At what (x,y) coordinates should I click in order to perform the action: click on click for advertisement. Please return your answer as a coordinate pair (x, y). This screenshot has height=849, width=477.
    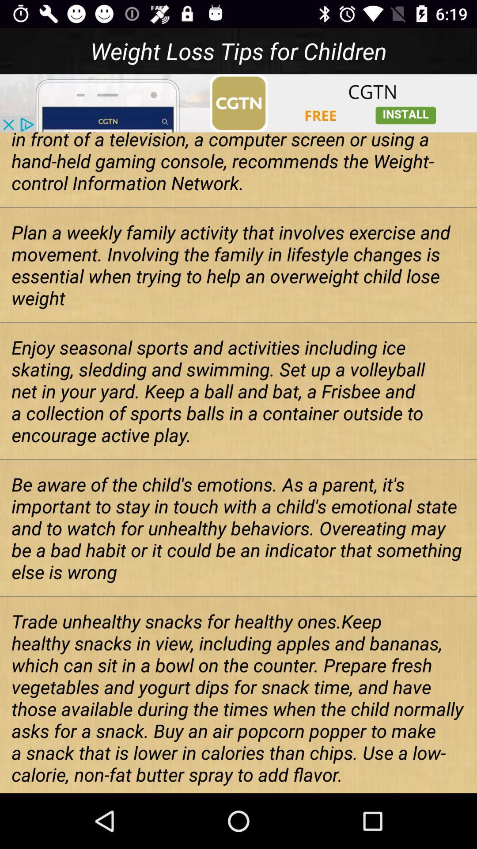
    Looking at the image, I should click on (238, 103).